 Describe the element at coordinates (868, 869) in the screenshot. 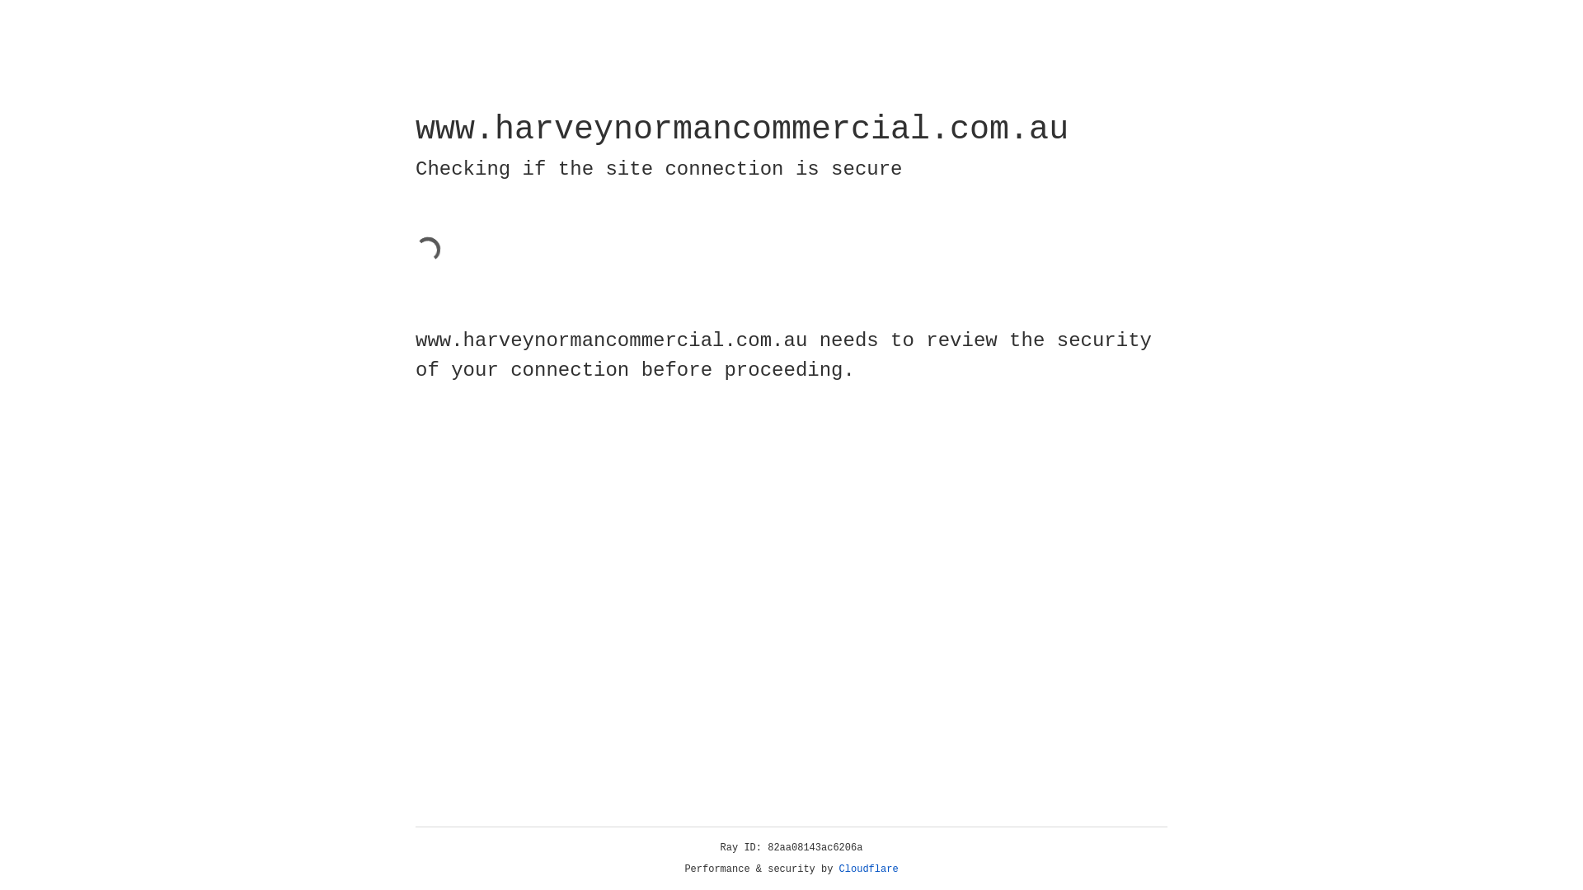

I see `'Cloudflare'` at that location.